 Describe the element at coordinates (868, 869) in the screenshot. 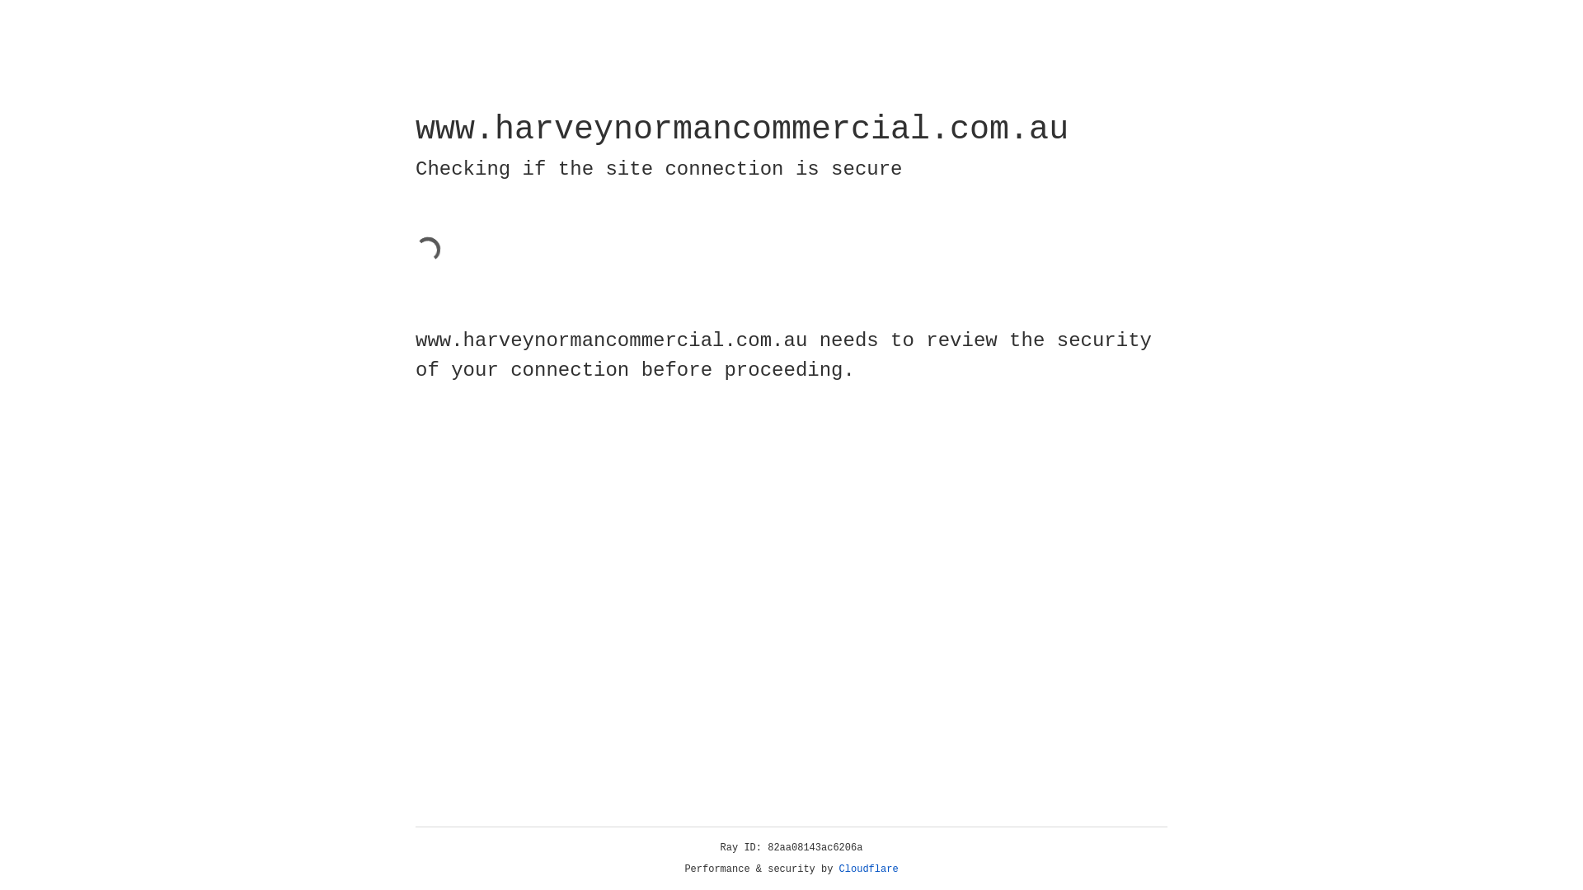

I see `'Cloudflare'` at that location.